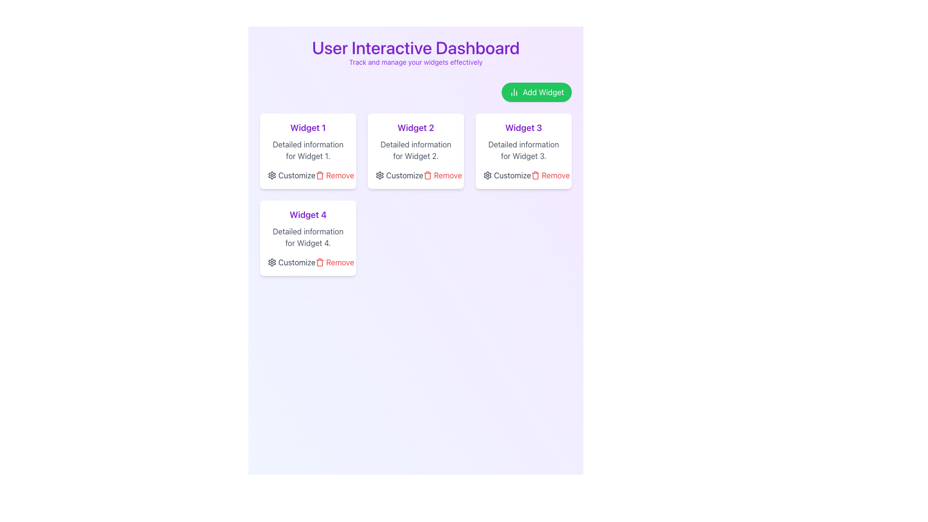  What do you see at coordinates (334, 262) in the screenshot?
I see `the 'Remove' button located at the bottom-right corner of 'Widget 4'` at bounding box center [334, 262].